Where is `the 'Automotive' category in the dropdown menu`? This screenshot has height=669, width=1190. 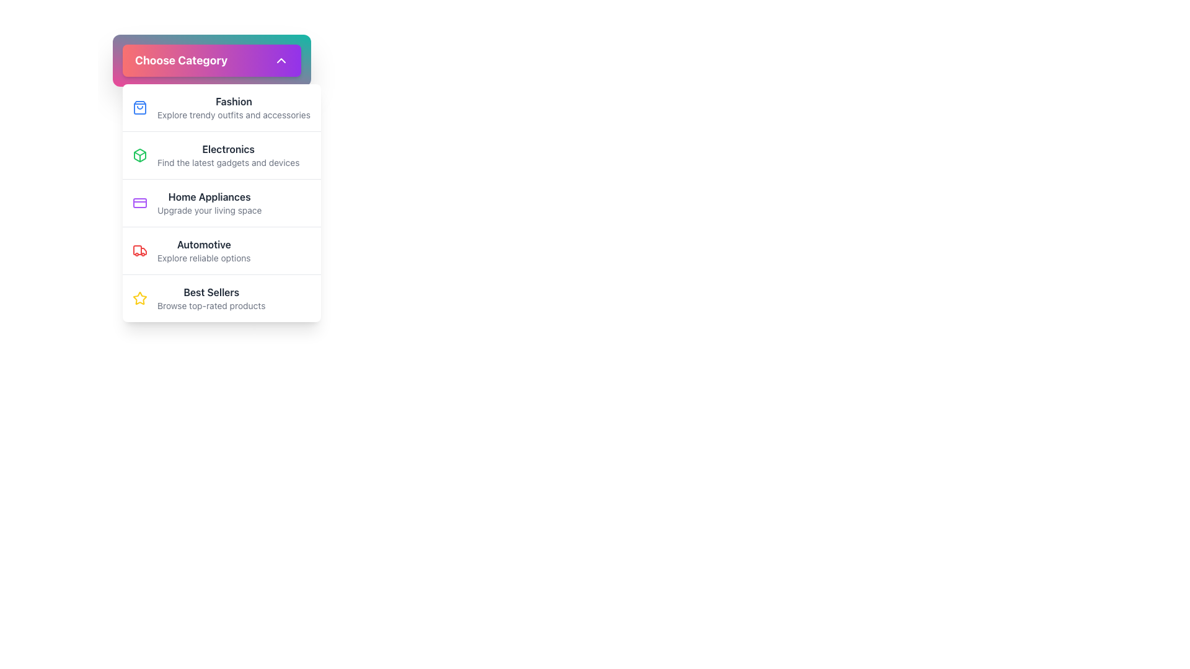
the 'Automotive' category in the dropdown menu is located at coordinates (222, 250).